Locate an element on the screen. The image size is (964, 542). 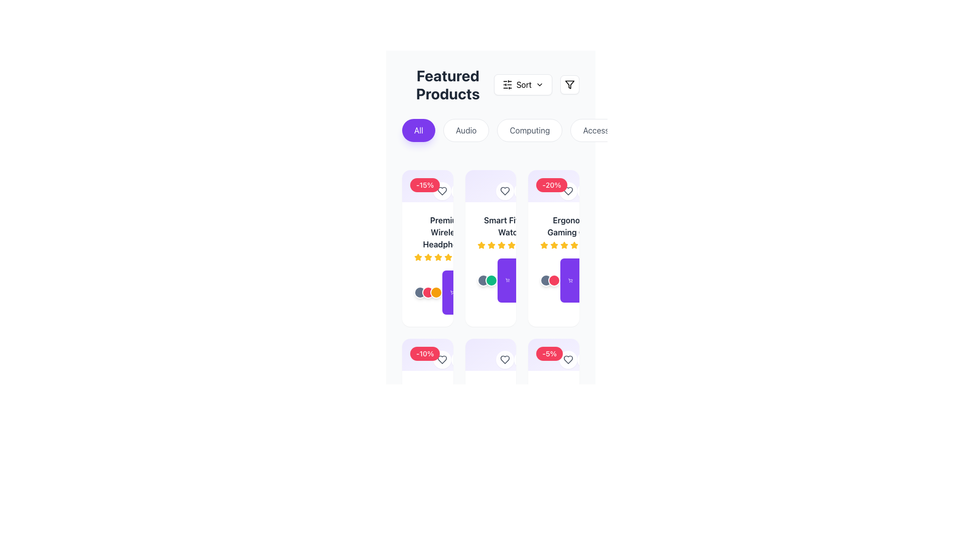
the middle button in the horizontal arrangement of three buttons is located at coordinates (428, 292).